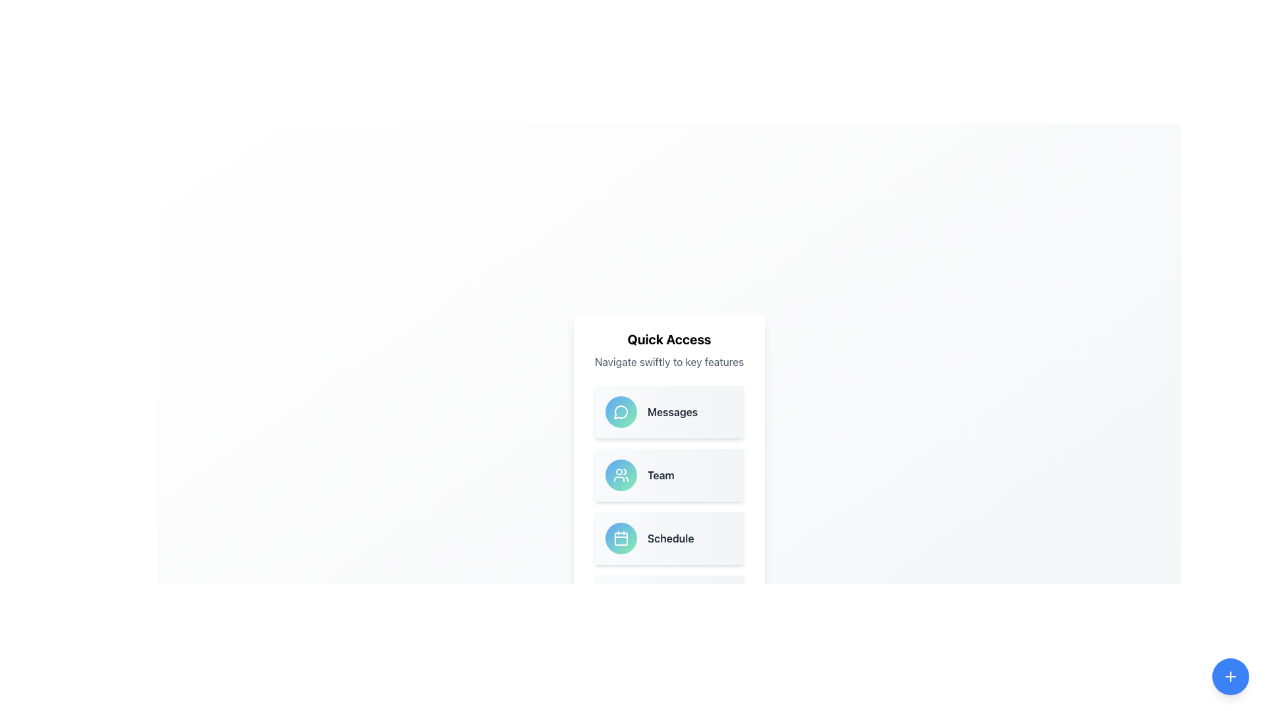 Image resolution: width=1265 pixels, height=711 pixels. Describe the element at coordinates (669, 362) in the screenshot. I see `the text element that reads 'Navigate swiftly to key features', which is styled in light gray and positioned below the title 'Quick Access'` at that location.